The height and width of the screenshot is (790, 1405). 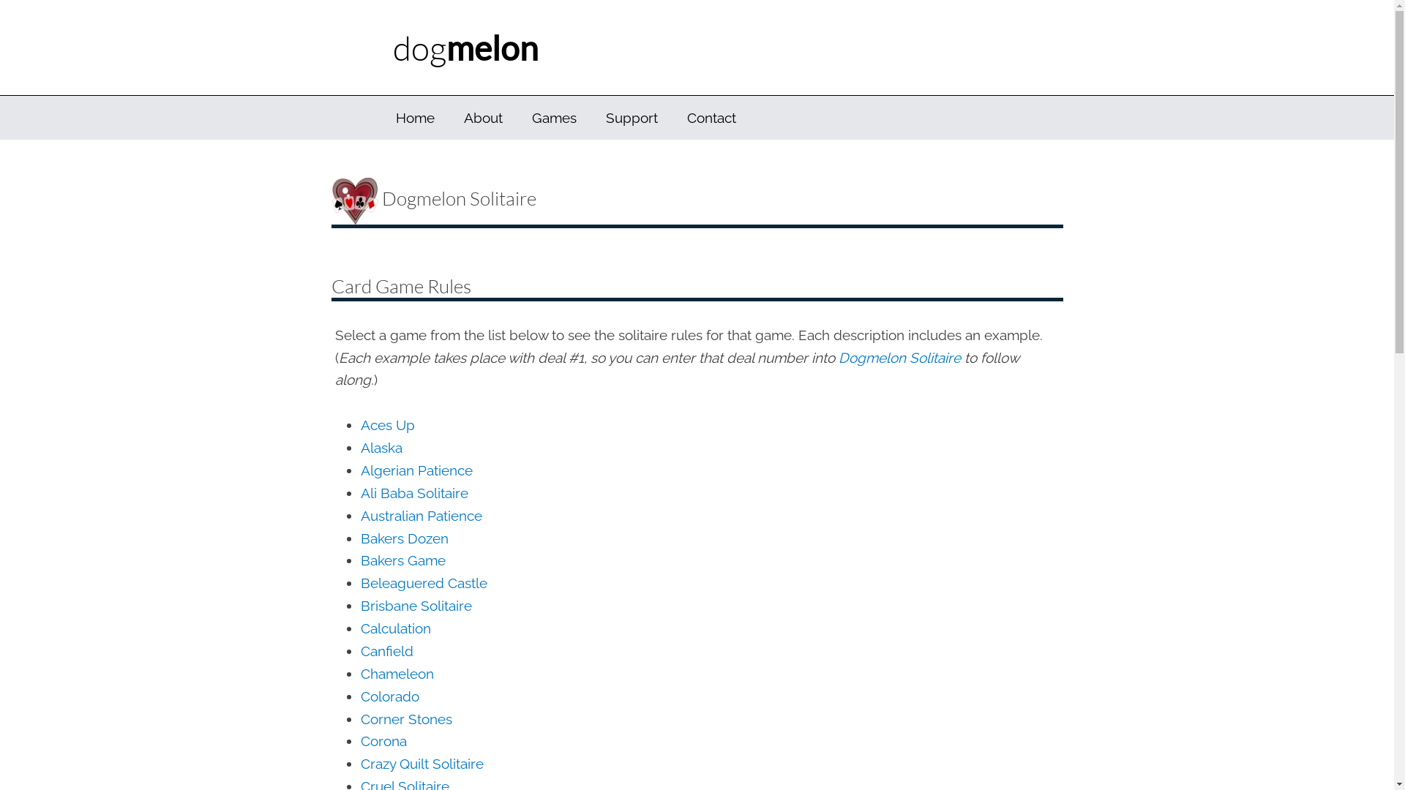 I want to click on 'Chameleon', so click(x=397, y=674).